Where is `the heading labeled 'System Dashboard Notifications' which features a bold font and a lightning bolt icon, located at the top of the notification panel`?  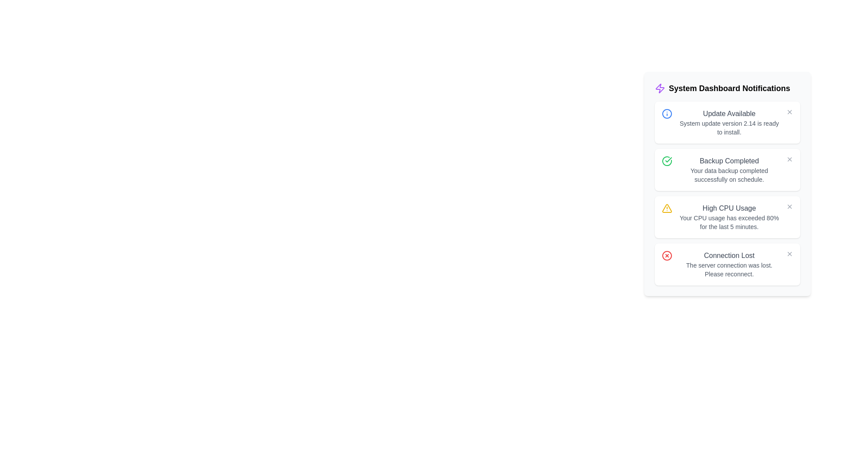 the heading labeled 'System Dashboard Notifications' which features a bold font and a lightning bolt icon, located at the top of the notification panel is located at coordinates (727, 88).